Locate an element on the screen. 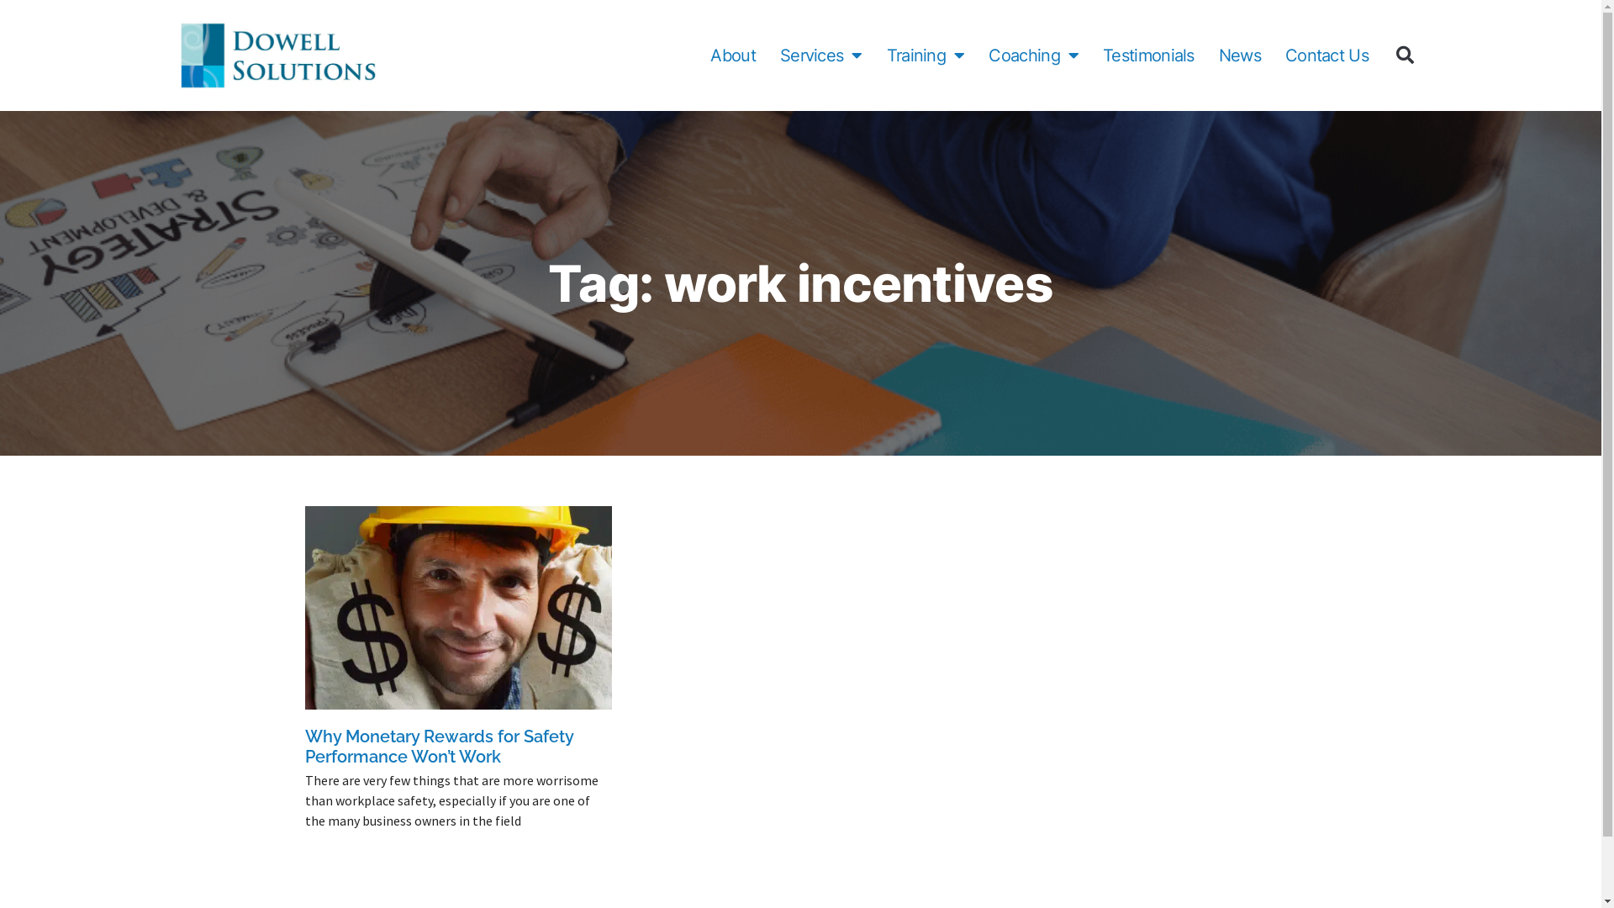 Image resolution: width=1614 pixels, height=908 pixels. 'Contact Us' is located at coordinates (1284, 54).